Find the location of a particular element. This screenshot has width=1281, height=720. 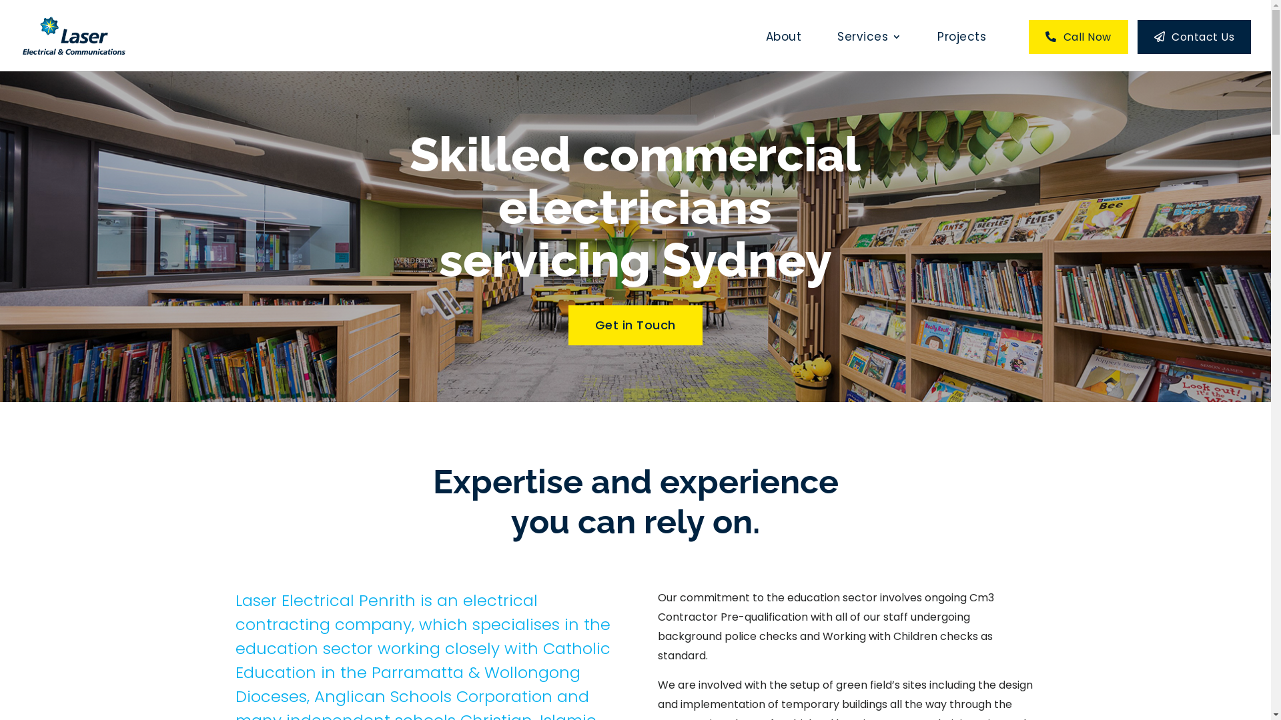

'Get in Touch' is located at coordinates (568, 325).